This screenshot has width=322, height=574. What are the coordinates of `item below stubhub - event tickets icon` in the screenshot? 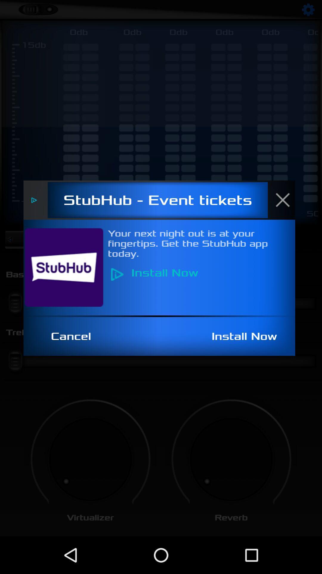 It's located at (67, 267).